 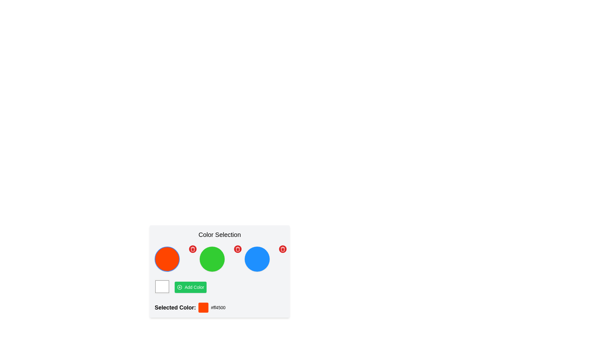 What do you see at coordinates (192, 248) in the screenshot?
I see `the small circular button with a red background and a white trash can icon` at bounding box center [192, 248].